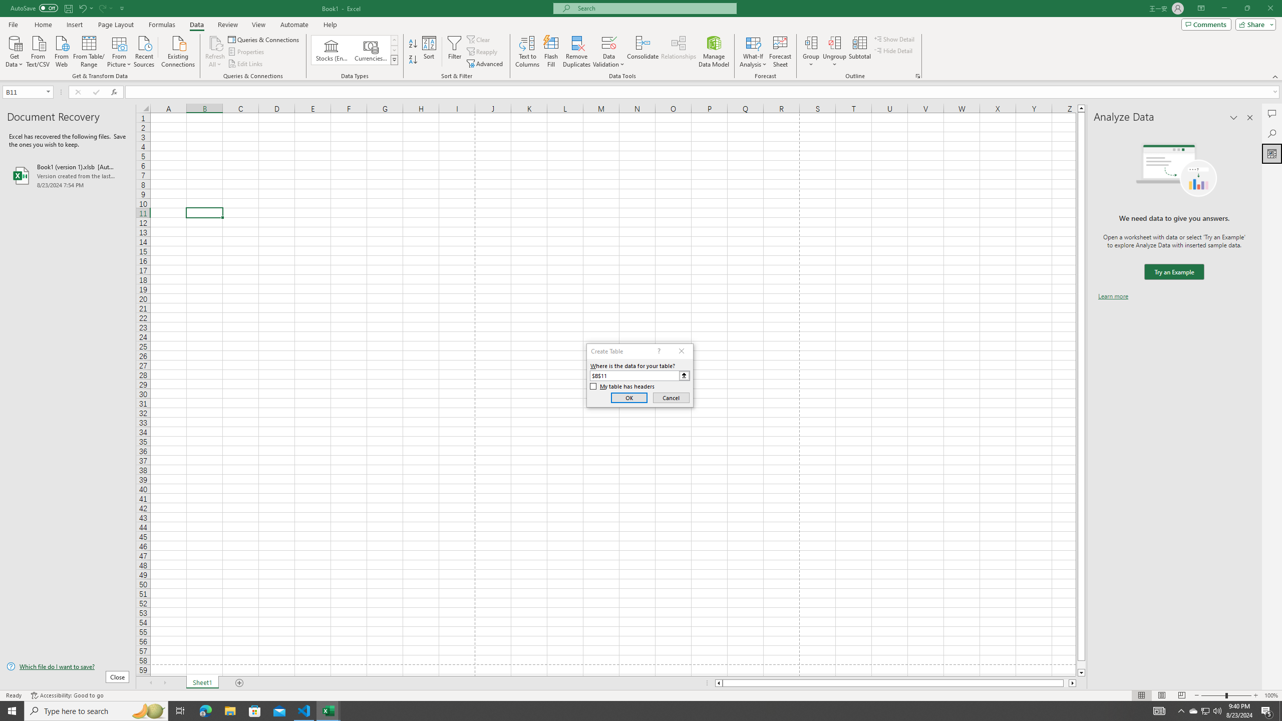 The image size is (1282, 721). Describe the element at coordinates (1271, 153) in the screenshot. I see `'Analyze Data'` at that location.